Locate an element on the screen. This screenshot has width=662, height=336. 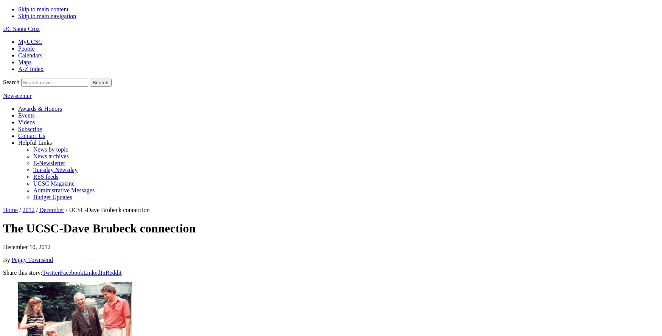
'Facebook' is located at coordinates (71, 272).